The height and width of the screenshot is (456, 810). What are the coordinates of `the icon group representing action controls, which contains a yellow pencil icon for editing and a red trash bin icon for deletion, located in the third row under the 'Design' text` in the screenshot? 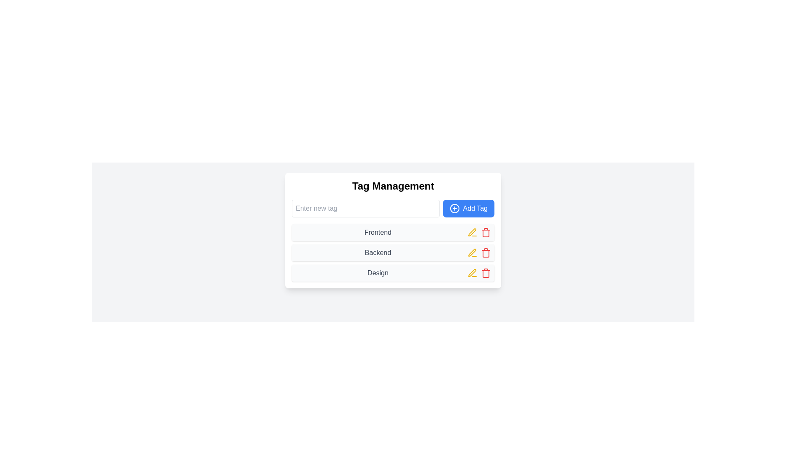 It's located at (479, 273).